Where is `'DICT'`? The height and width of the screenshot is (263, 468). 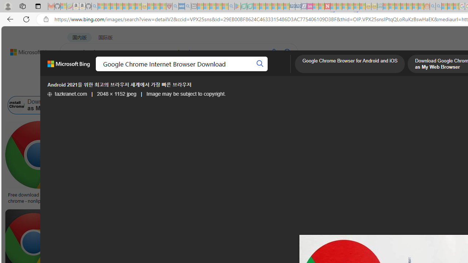 'DICT' is located at coordinates (262, 71).